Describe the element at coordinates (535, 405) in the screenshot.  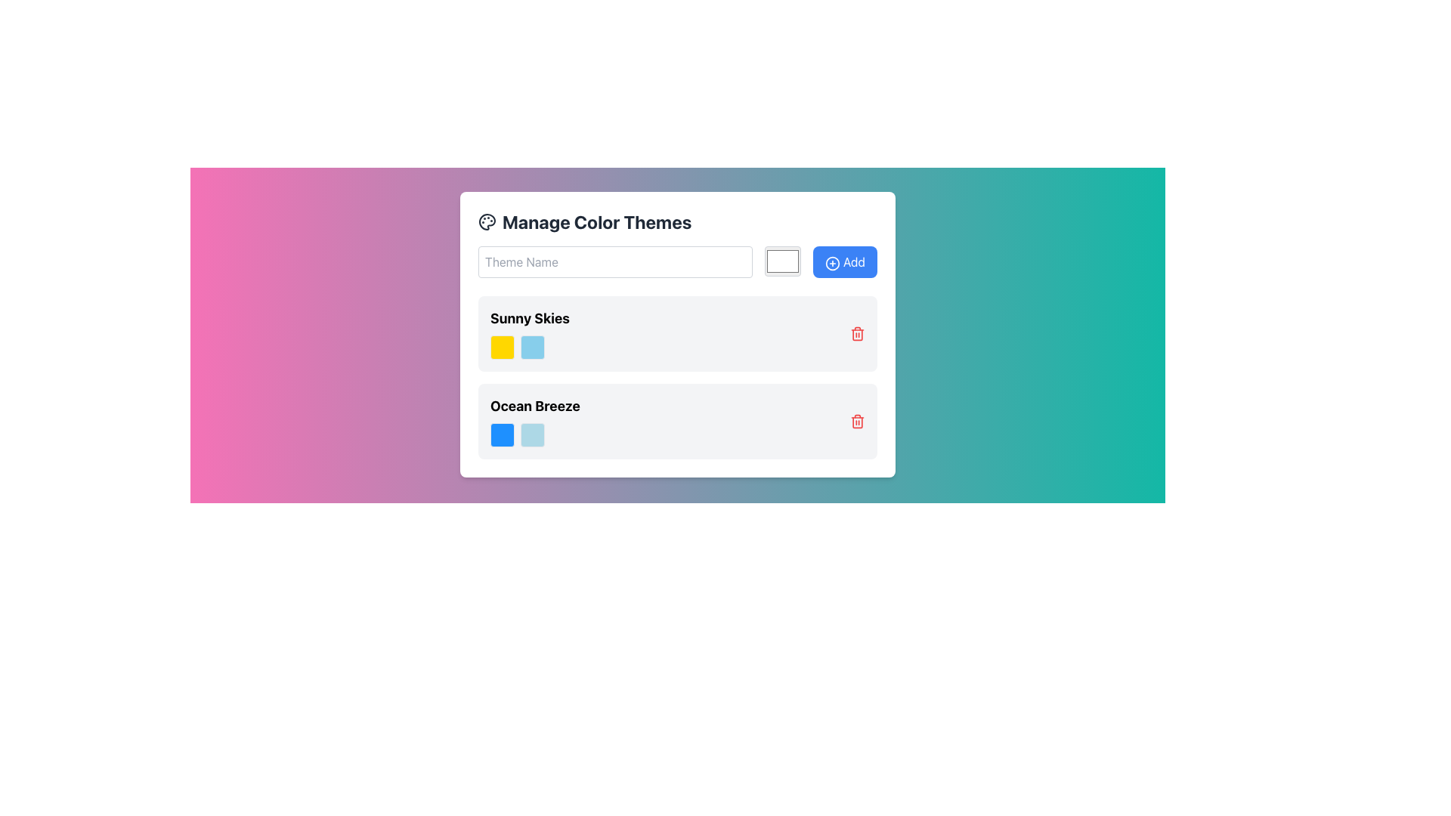
I see `text content of the 'Ocean Breeze' Text Label, which serves as the title for a color theme within the theme list` at that location.